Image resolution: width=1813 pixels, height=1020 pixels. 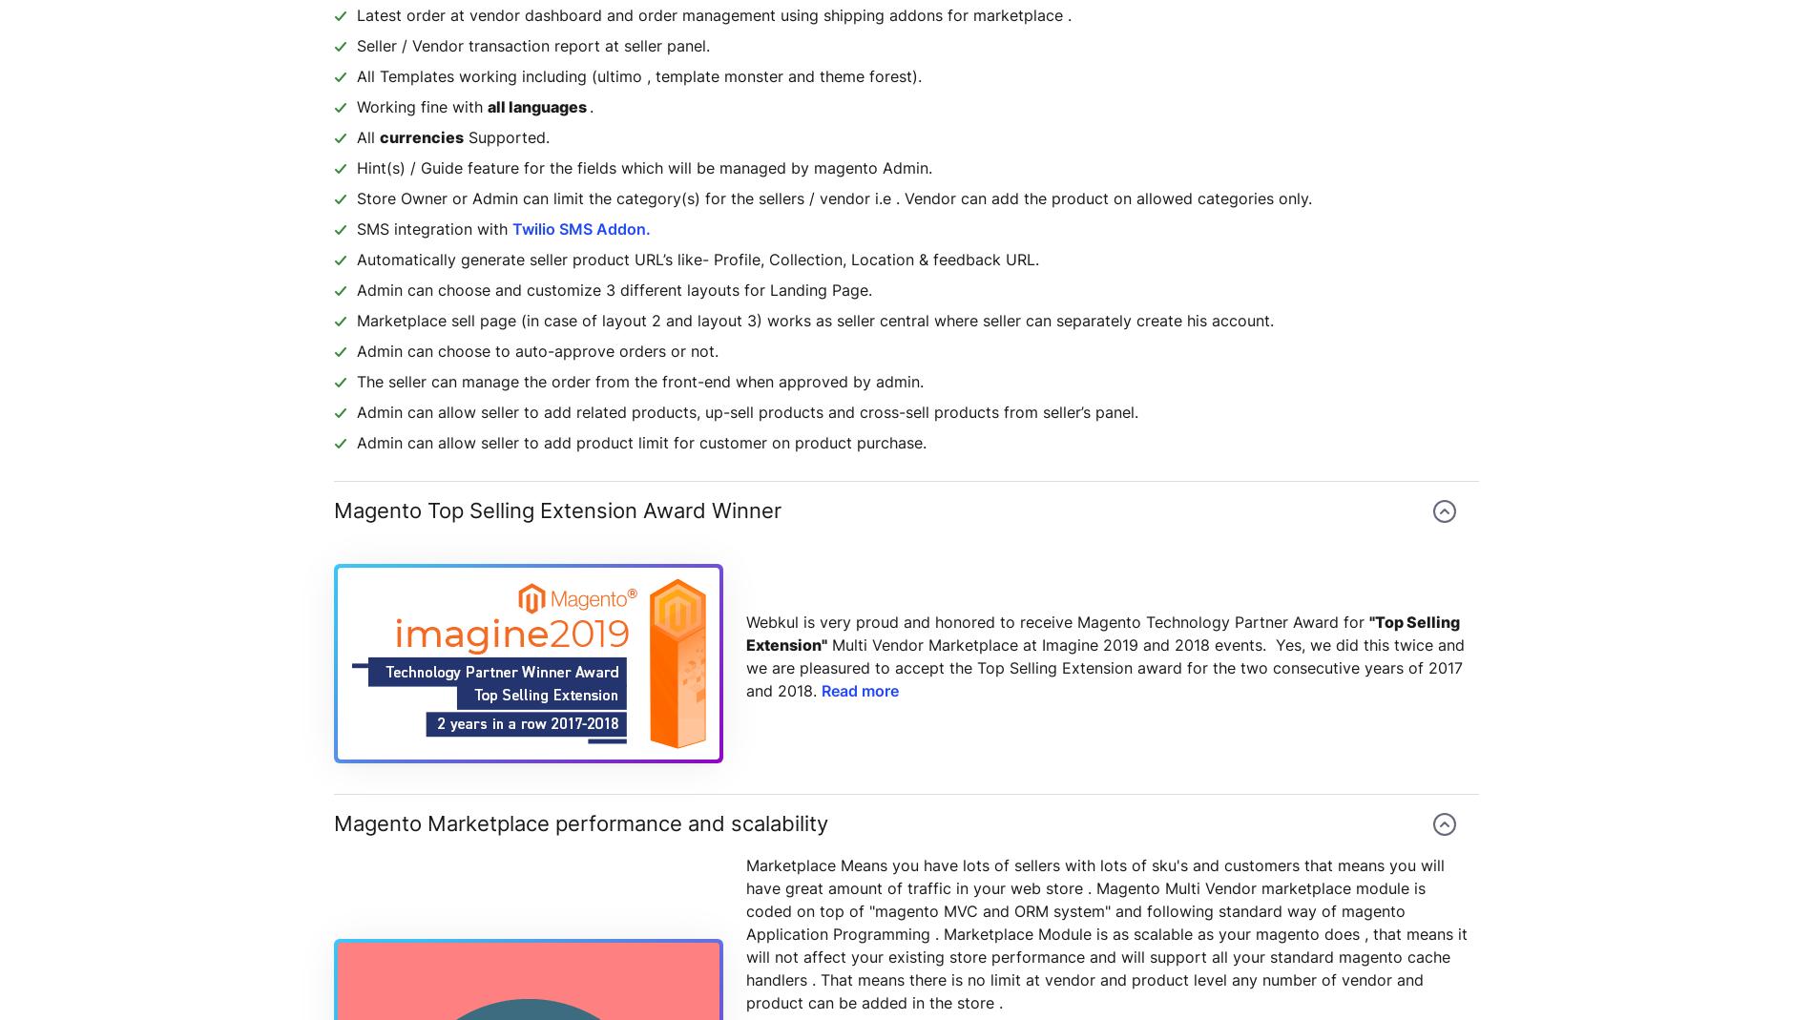 What do you see at coordinates (537, 350) in the screenshot?
I see `'Admin can choose to auto-approve orders or not.'` at bounding box center [537, 350].